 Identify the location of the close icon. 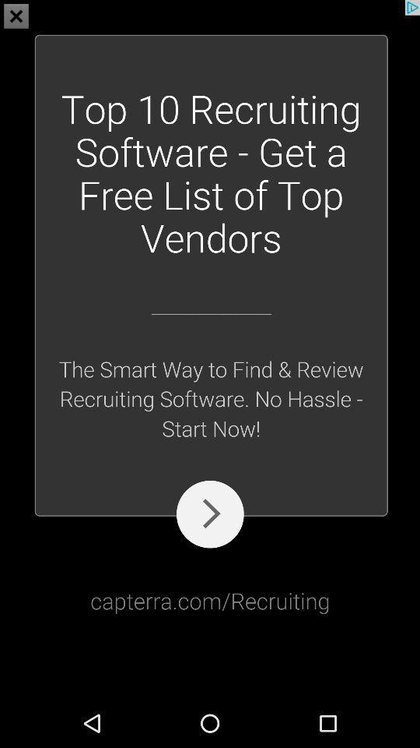
(16, 16).